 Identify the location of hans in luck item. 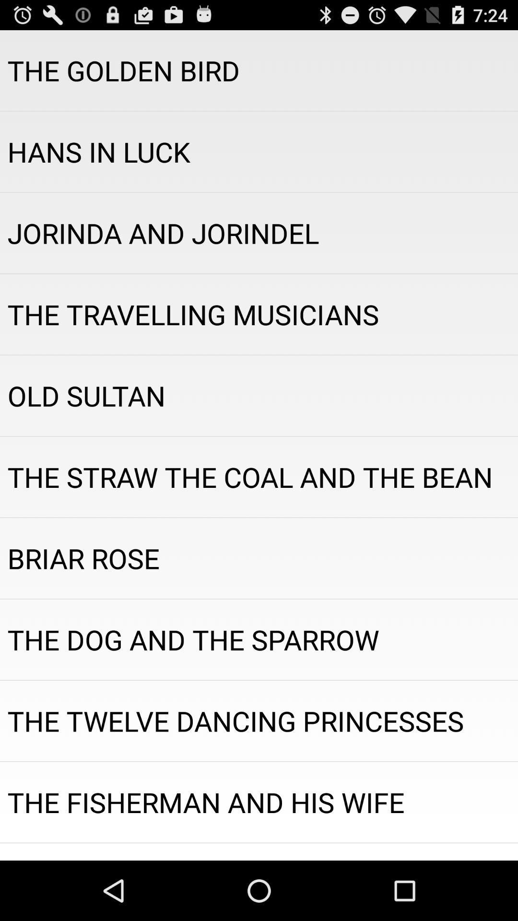
(259, 151).